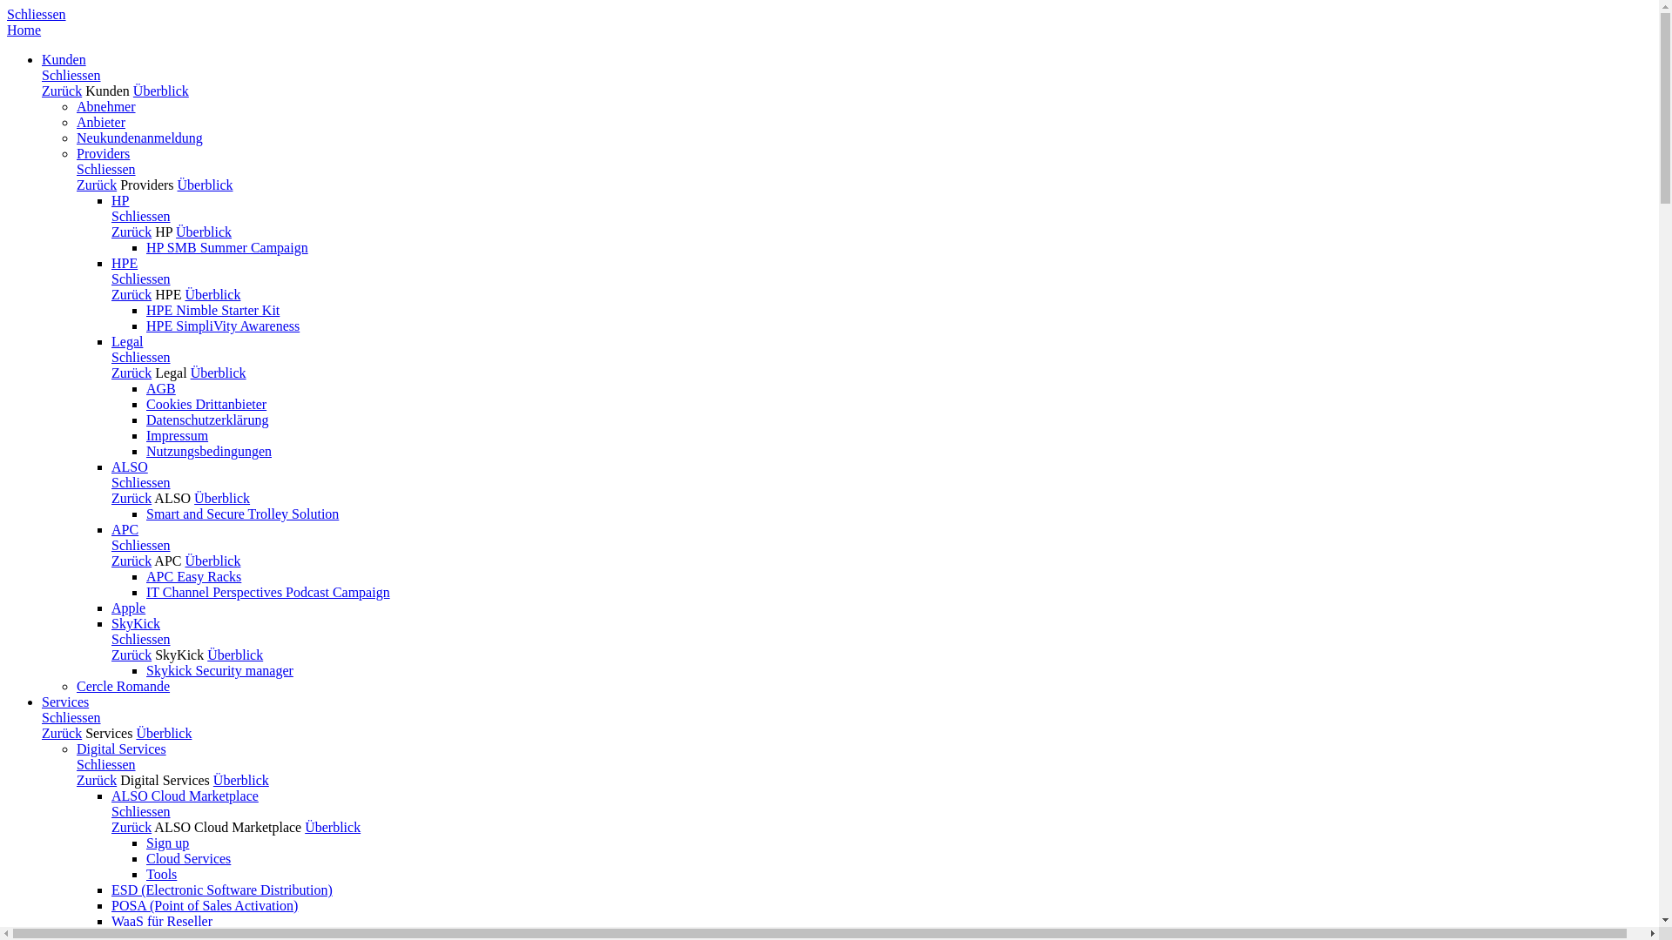 Image resolution: width=1672 pixels, height=940 pixels. Describe the element at coordinates (266, 591) in the screenshot. I see `'IT Channel Perspectives Podcast Campaign'` at that location.